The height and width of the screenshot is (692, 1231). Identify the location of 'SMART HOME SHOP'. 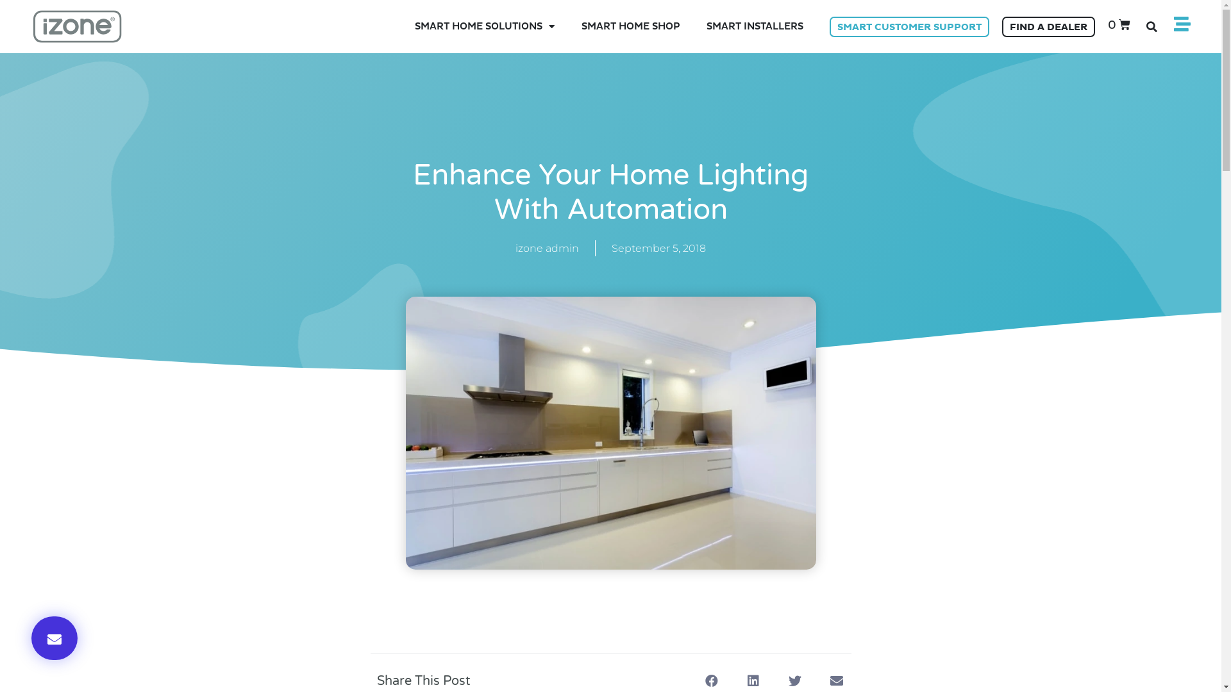
(630, 27).